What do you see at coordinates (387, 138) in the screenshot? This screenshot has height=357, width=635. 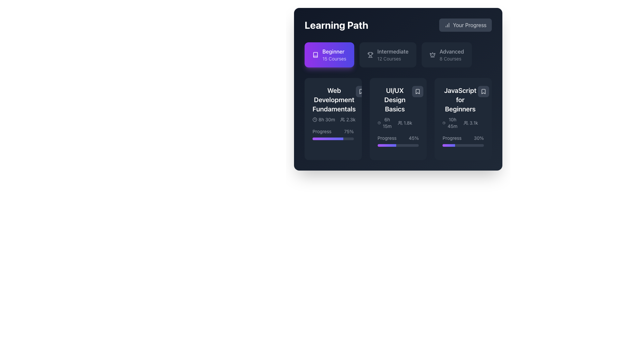 I see `text from the Text Label indicating the purpose of the progress bar in the 'UI/UX Design Basics' course card, positioned to the left of the percentage value` at bounding box center [387, 138].